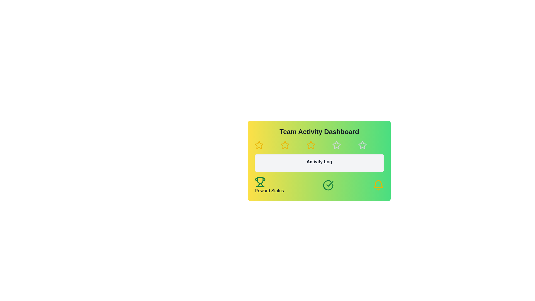 This screenshot has width=535, height=301. What do you see at coordinates (310, 145) in the screenshot?
I see `the third yellow outlined star icon in the horizontal row of five, located beneath the 'Team Activity Dashboard' title` at bounding box center [310, 145].